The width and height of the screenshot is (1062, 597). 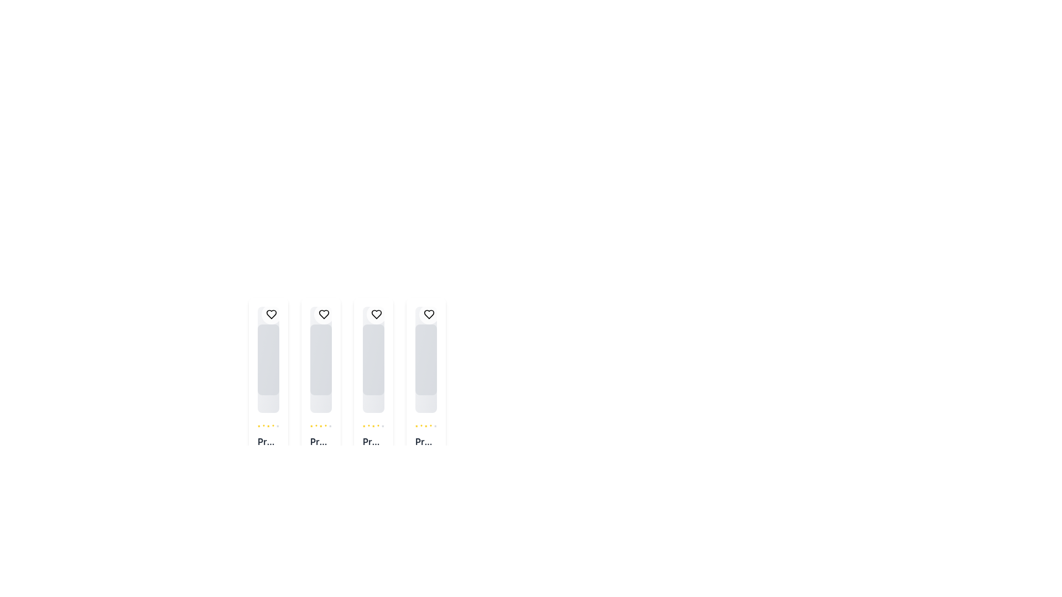 I want to click on the displayed rating on the fourth product card from the left, located at the bottom of the card above the product name and below the main image, so click(x=425, y=426).